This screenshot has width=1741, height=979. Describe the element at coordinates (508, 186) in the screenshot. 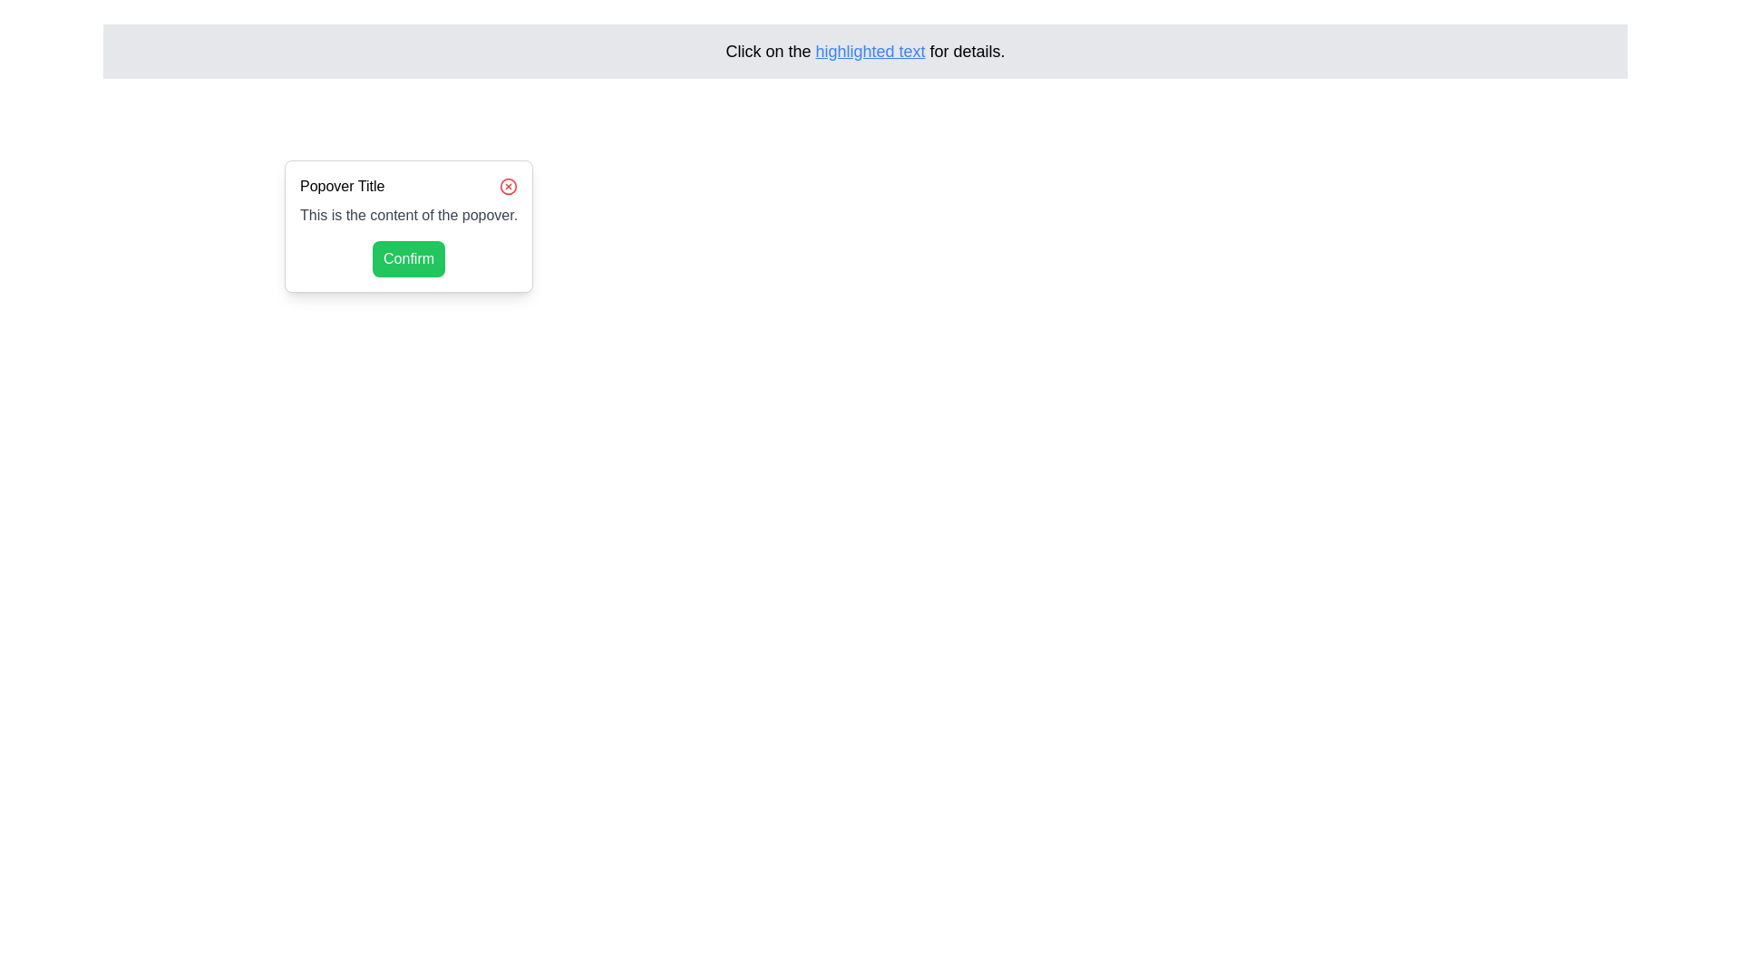

I see `the red circular button with a white cross, located next to the text 'Popover Title'` at that location.